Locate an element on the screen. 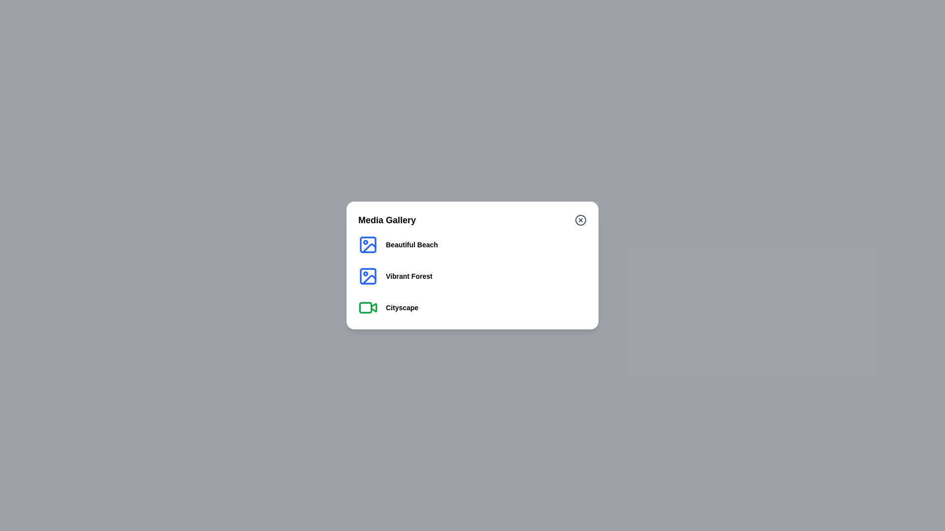 Image resolution: width=945 pixels, height=531 pixels. the media item titled Vibrant Forest is located at coordinates (409, 276).